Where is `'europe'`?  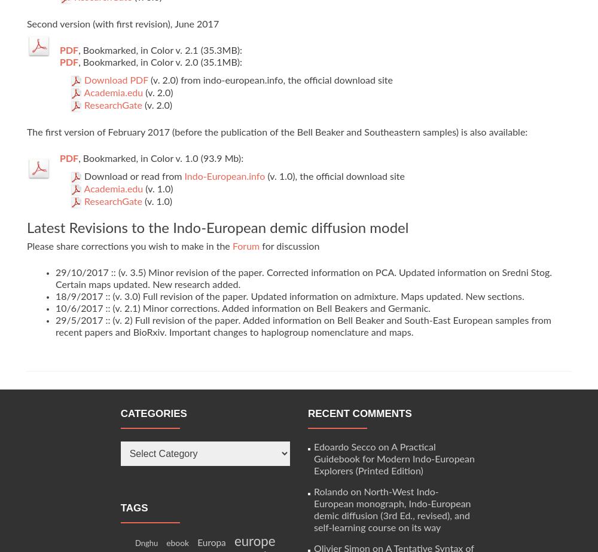 'europe' is located at coordinates (254, 541).